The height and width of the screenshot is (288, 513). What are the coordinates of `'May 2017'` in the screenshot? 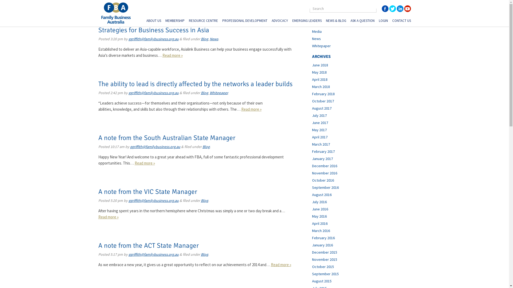 It's located at (319, 130).